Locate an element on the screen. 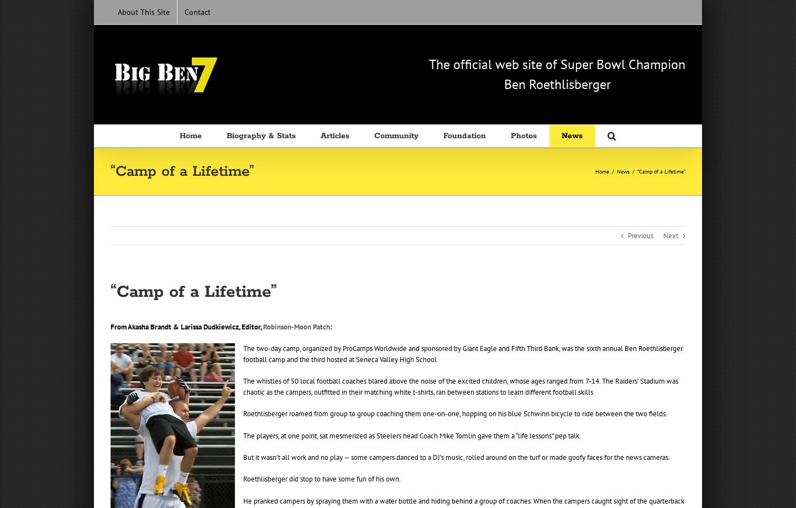  'But it wasn’t all work and no play — some campers danced to a DJ’s music, rolled around on the turf or made goofy faces for the news cameras.' is located at coordinates (456, 457).